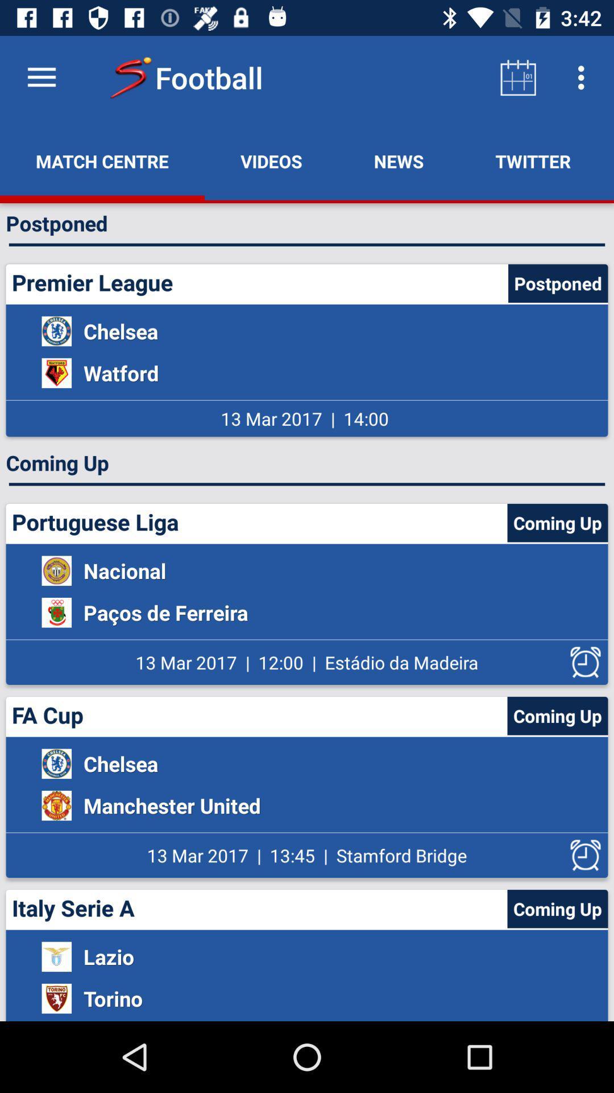  Describe the element at coordinates (102, 161) in the screenshot. I see `the icon above the postponed item` at that location.